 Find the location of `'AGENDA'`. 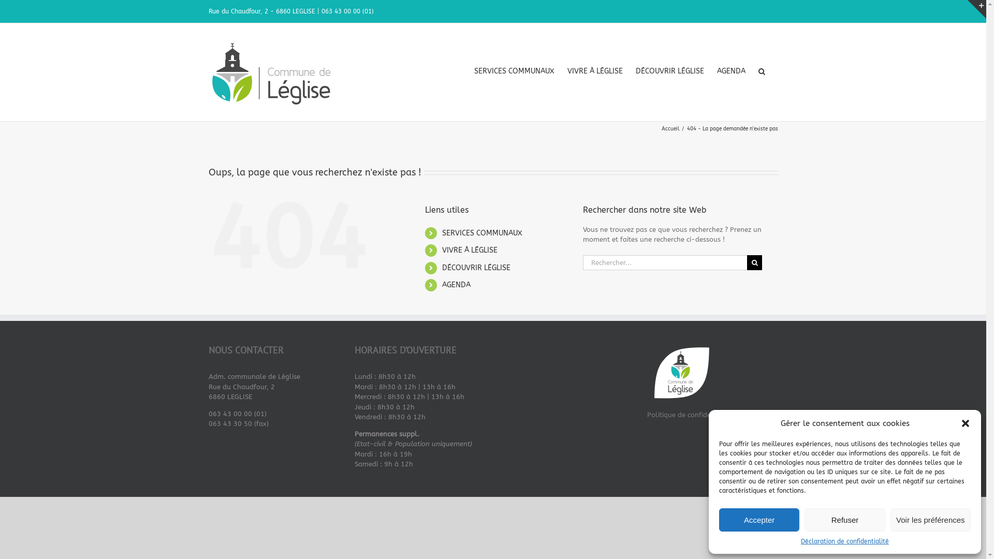

'AGENDA' is located at coordinates (456, 285).